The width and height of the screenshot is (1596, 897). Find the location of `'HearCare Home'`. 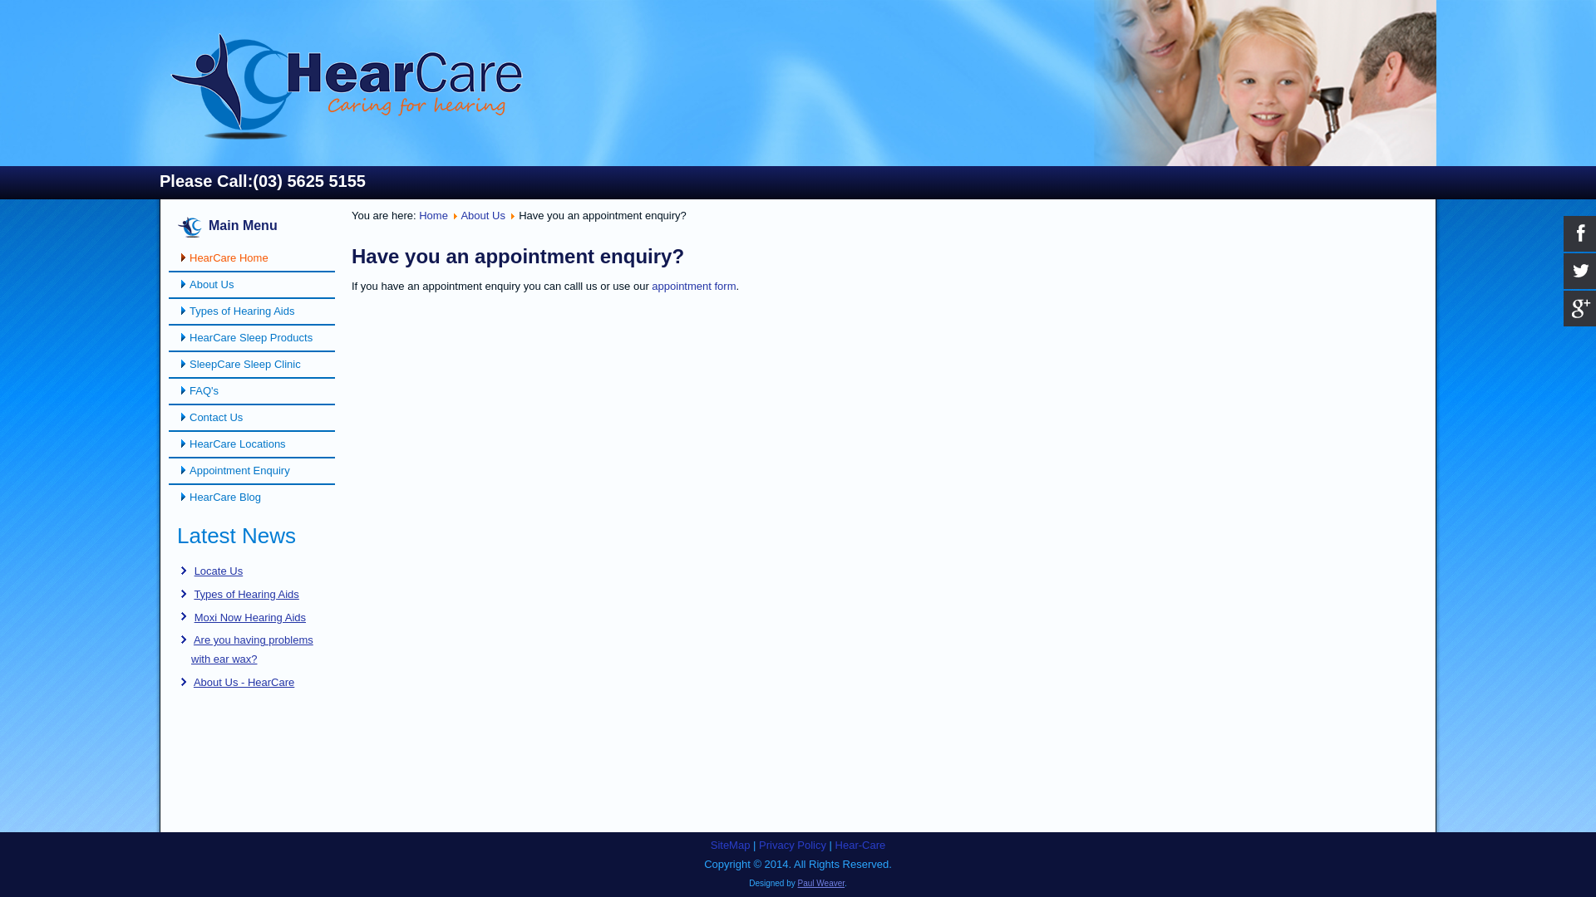

'HearCare Home' is located at coordinates (250, 258).